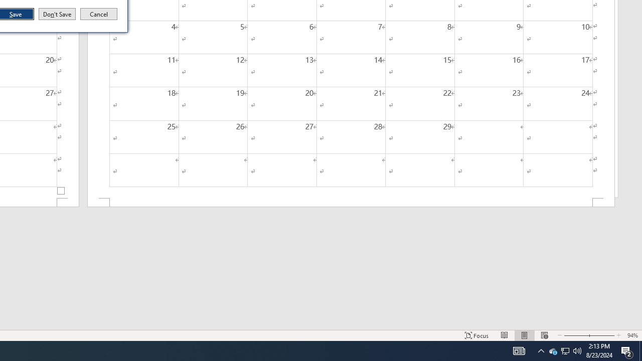  I want to click on 'Zoom Out', so click(575, 335).